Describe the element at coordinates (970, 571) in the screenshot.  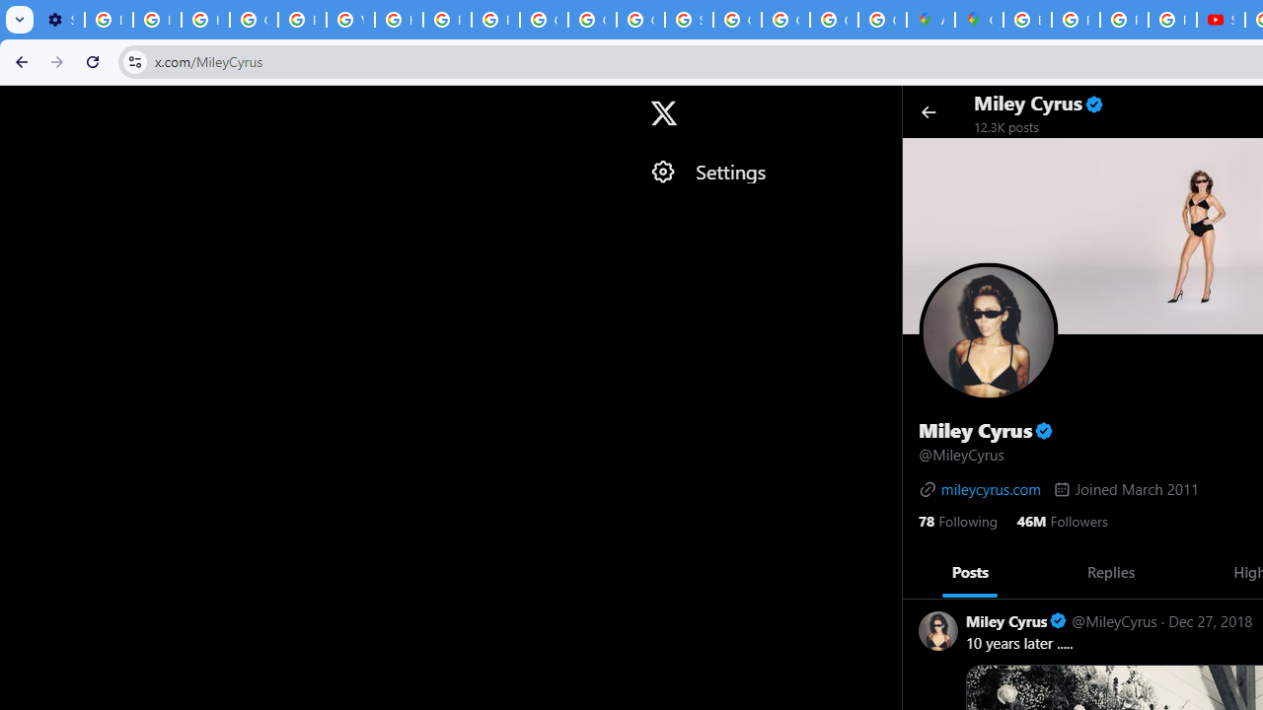
I see `'Posts'` at that location.